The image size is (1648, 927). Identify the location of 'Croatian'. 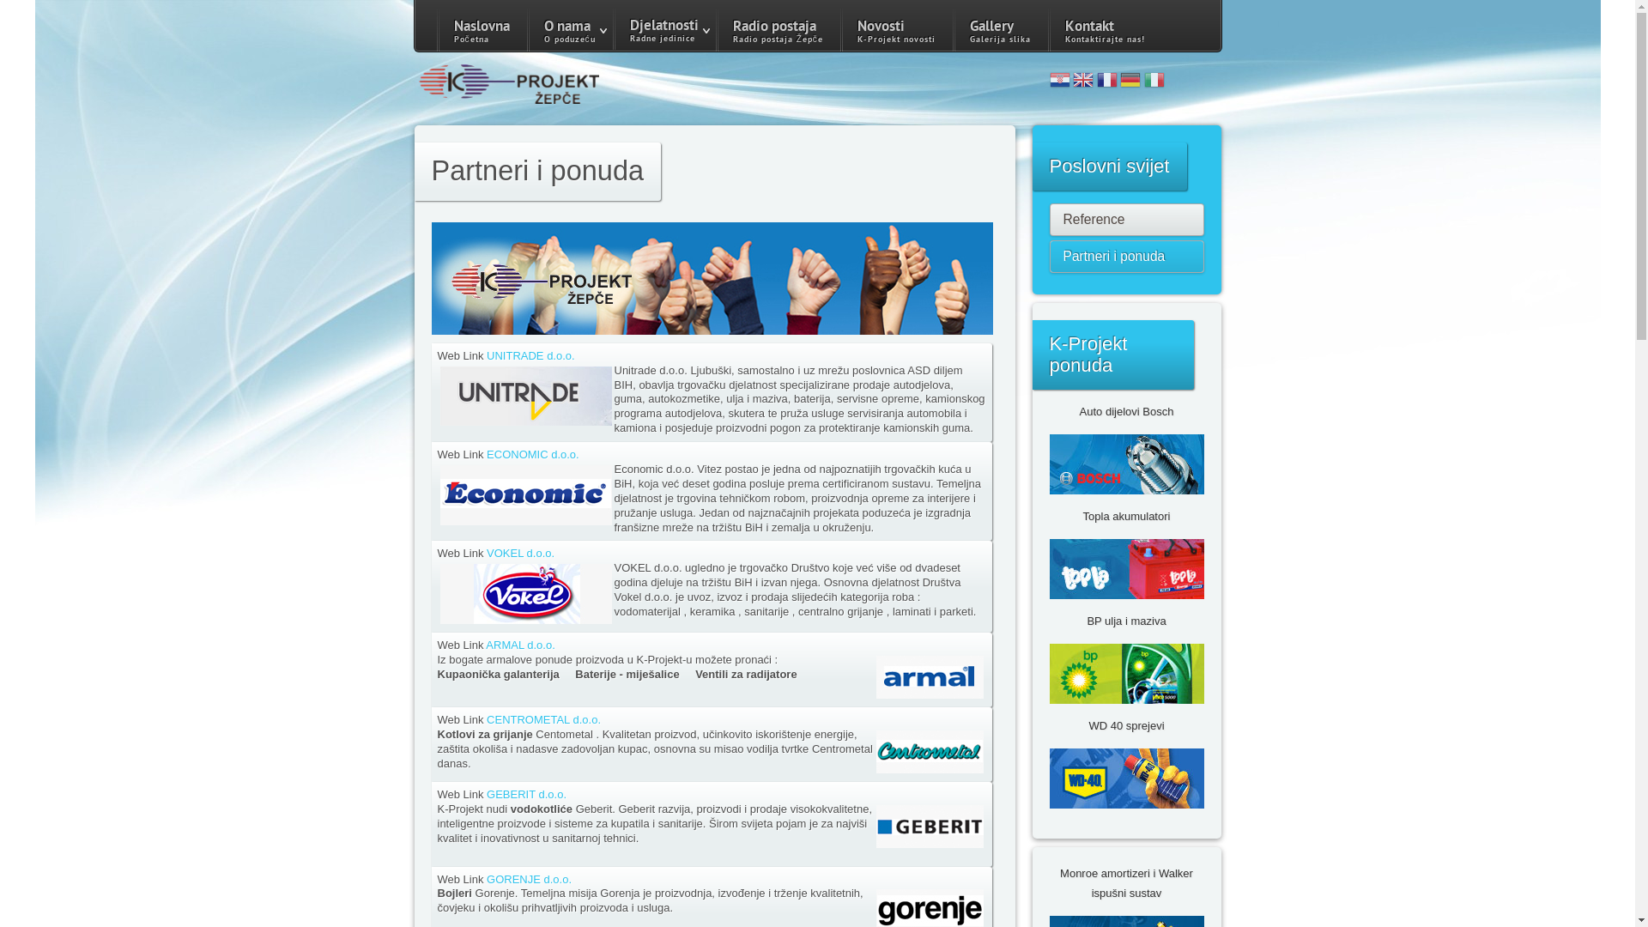
(1057, 82).